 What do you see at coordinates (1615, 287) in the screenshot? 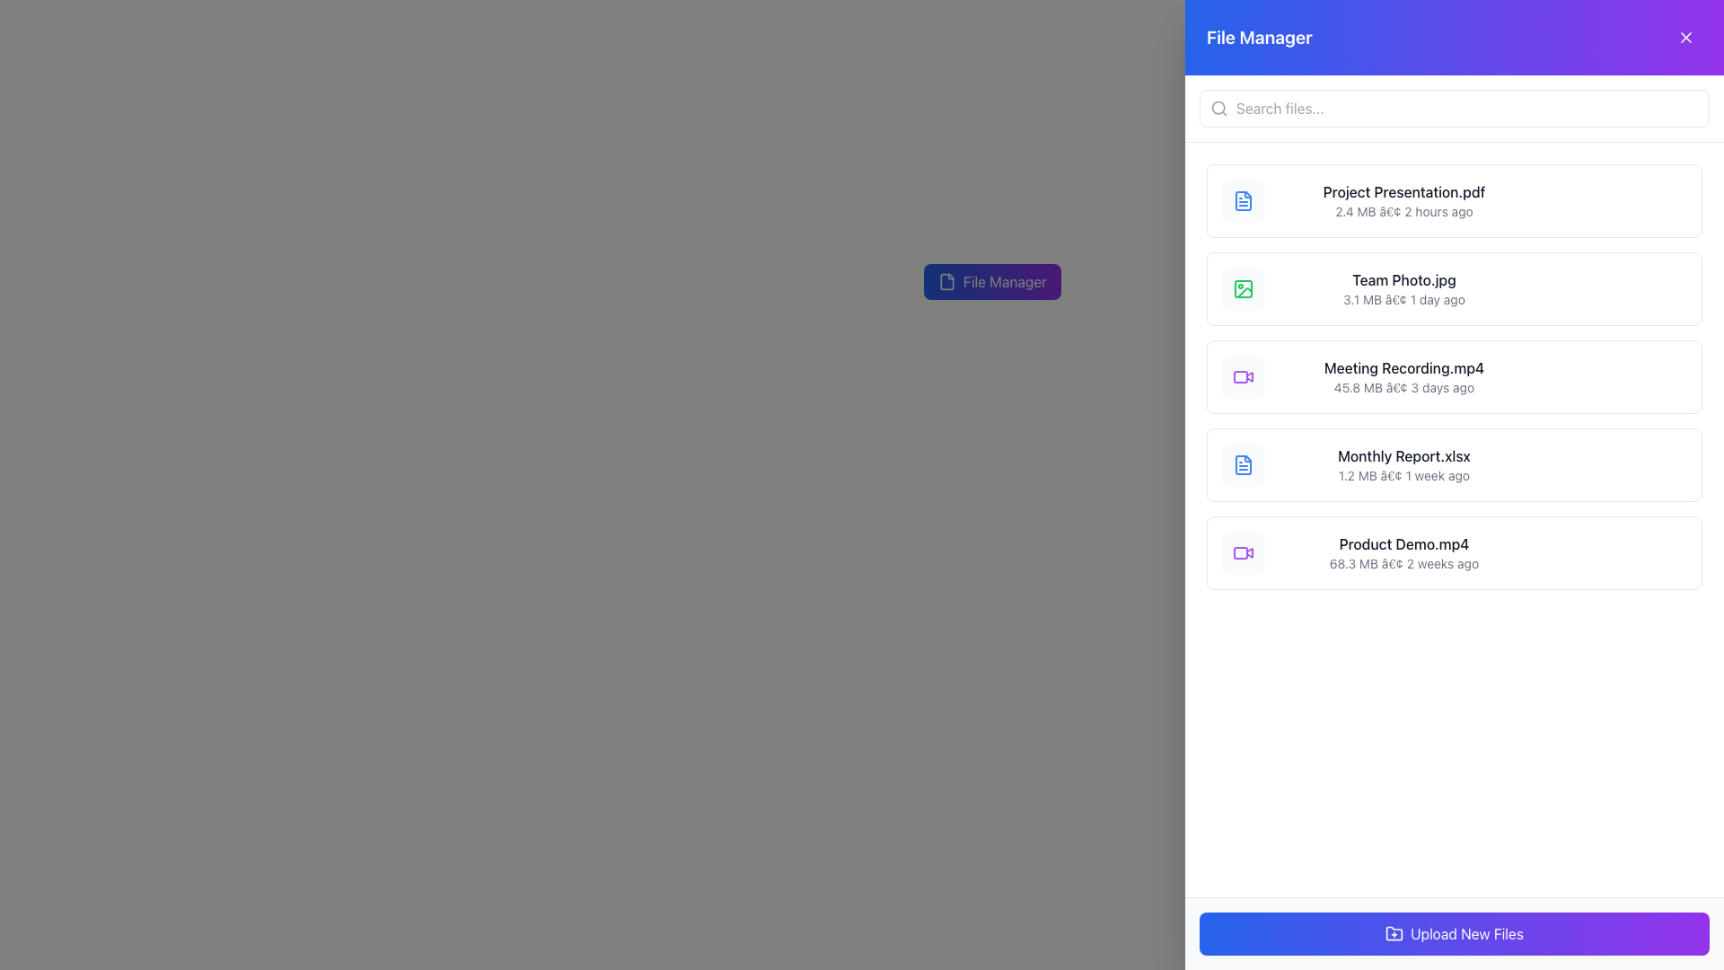
I see `the interactive button group for the 'Team Photo.jpg' file, located on the right side of its entry in the file manager interface` at bounding box center [1615, 287].